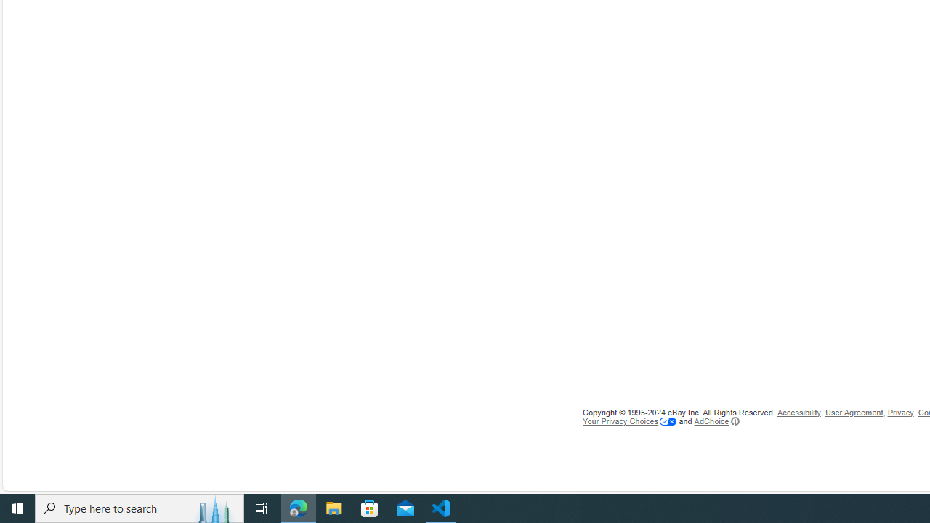 Image resolution: width=930 pixels, height=523 pixels. Describe the element at coordinates (630, 421) in the screenshot. I see `'Your Privacy Choices'` at that location.